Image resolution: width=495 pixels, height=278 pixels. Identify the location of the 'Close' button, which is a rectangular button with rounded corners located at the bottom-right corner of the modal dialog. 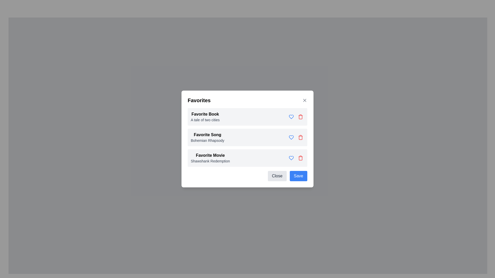
(277, 176).